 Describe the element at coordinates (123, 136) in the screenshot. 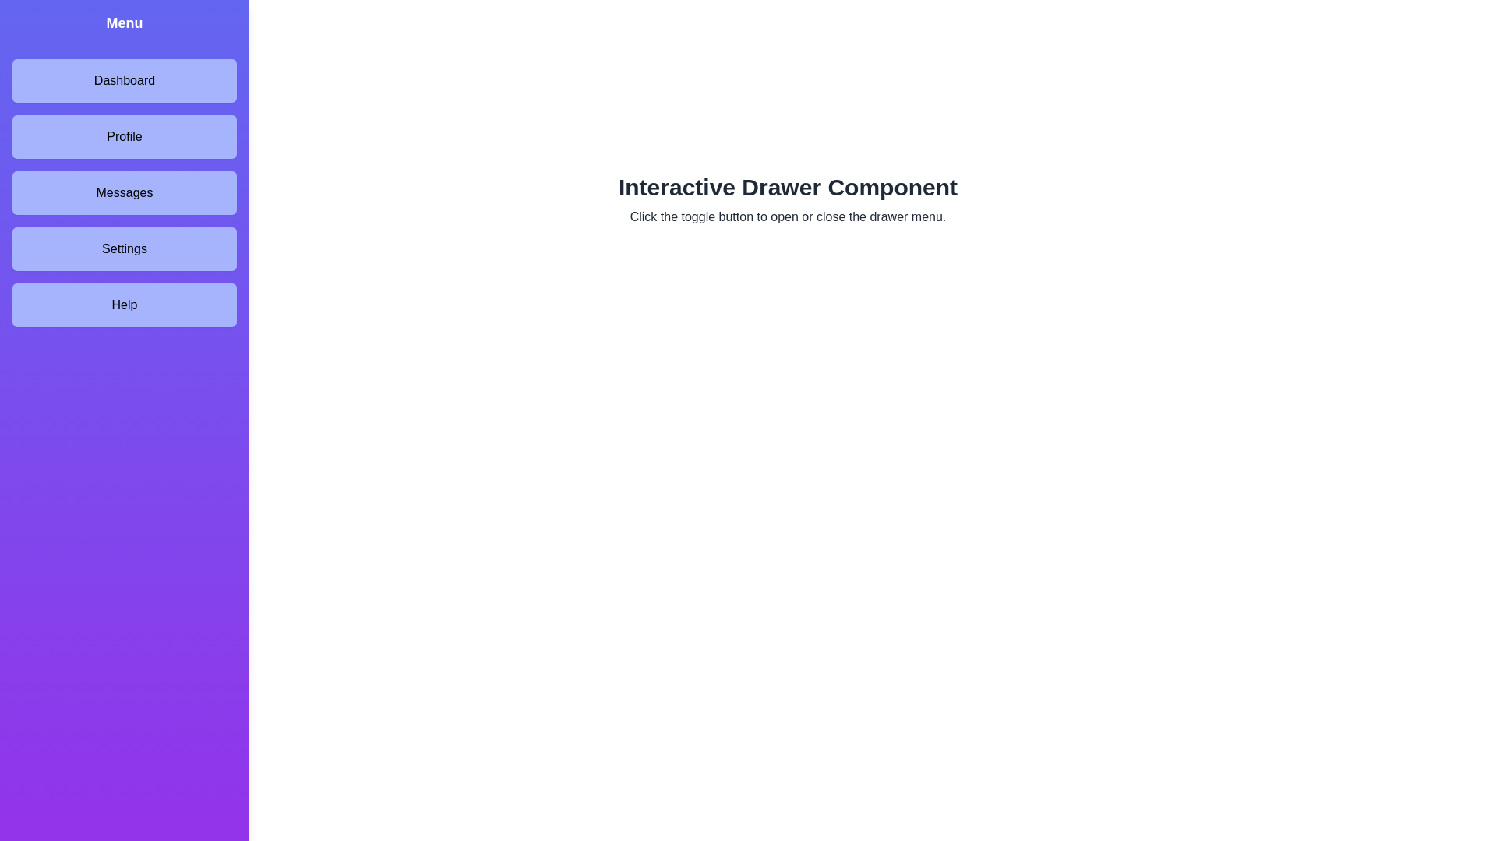

I see `the menu item labeled Profile by clicking on it` at that location.